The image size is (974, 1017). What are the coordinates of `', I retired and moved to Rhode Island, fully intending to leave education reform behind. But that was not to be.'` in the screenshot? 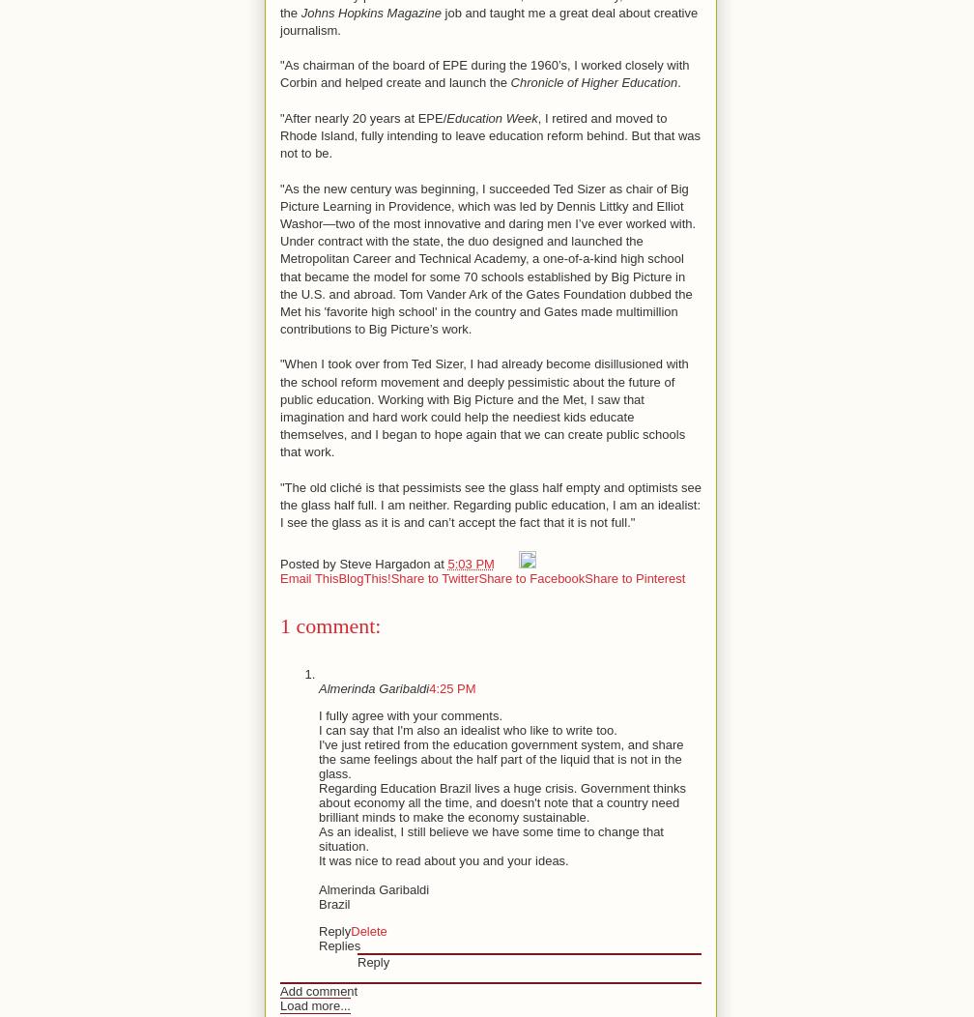 It's located at (490, 134).